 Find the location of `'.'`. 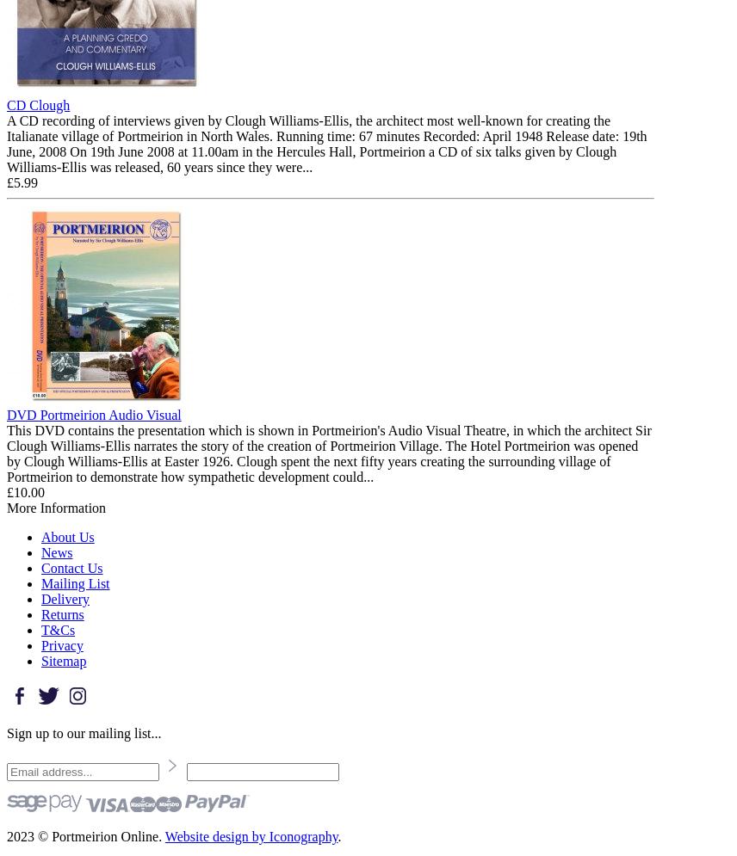

'.' is located at coordinates (338, 834).